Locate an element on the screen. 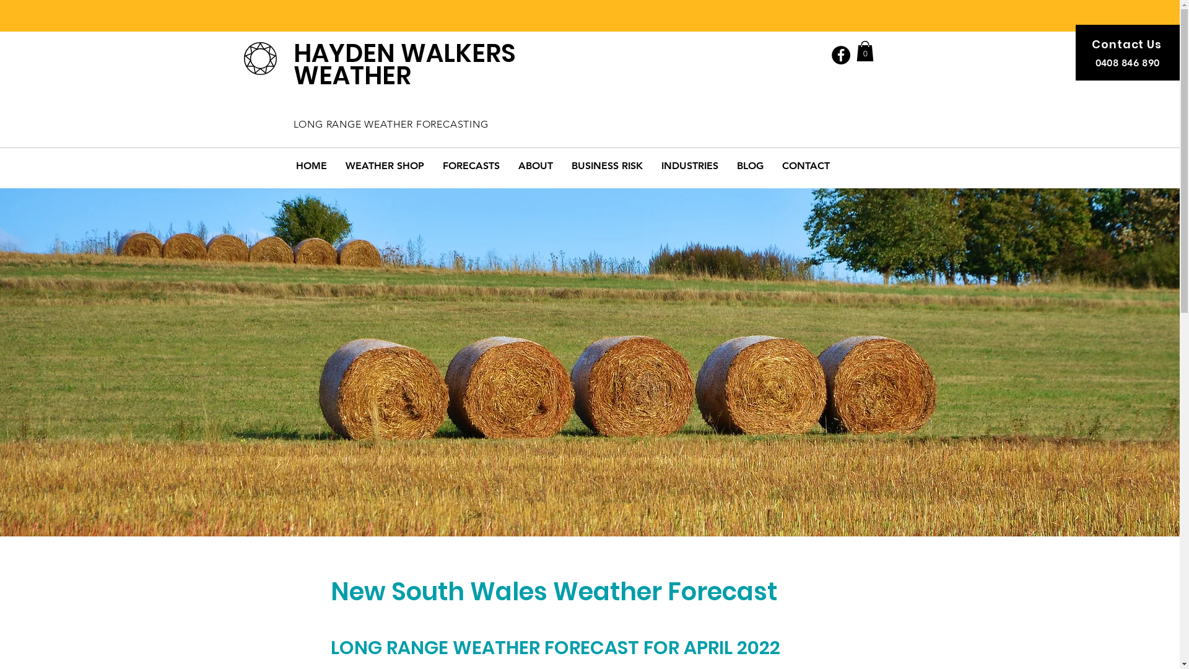 The height and width of the screenshot is (669, 1189). 'WEATHER SHOP' is located at coordinates (383, 165).